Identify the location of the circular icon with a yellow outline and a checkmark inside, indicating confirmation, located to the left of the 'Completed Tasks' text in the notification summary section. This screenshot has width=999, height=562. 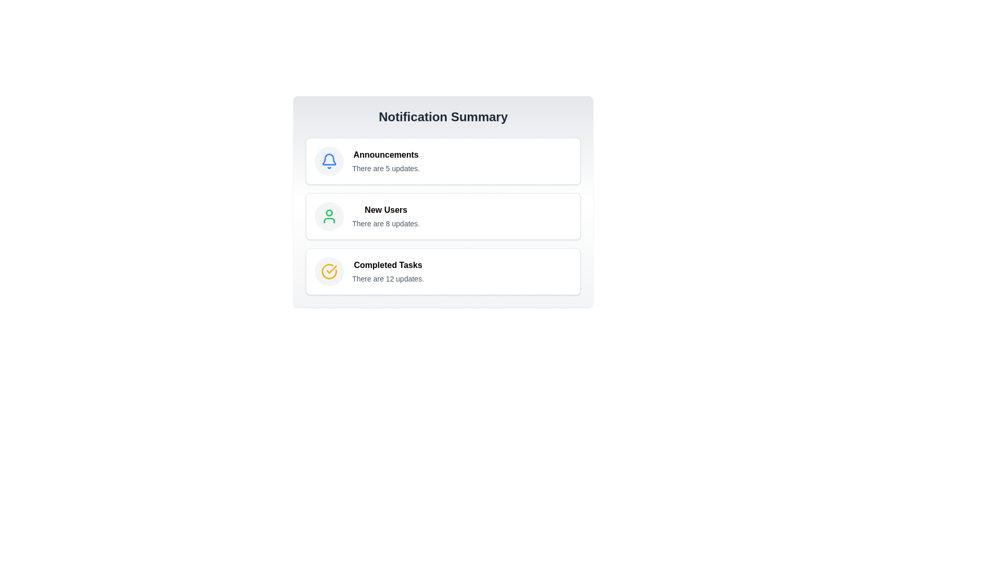
(329, 271).